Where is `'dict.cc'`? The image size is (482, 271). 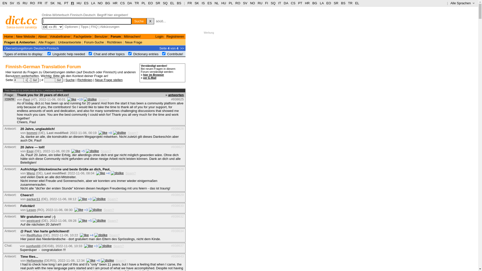 'dict.cc' is located at coordinates (21, 20).